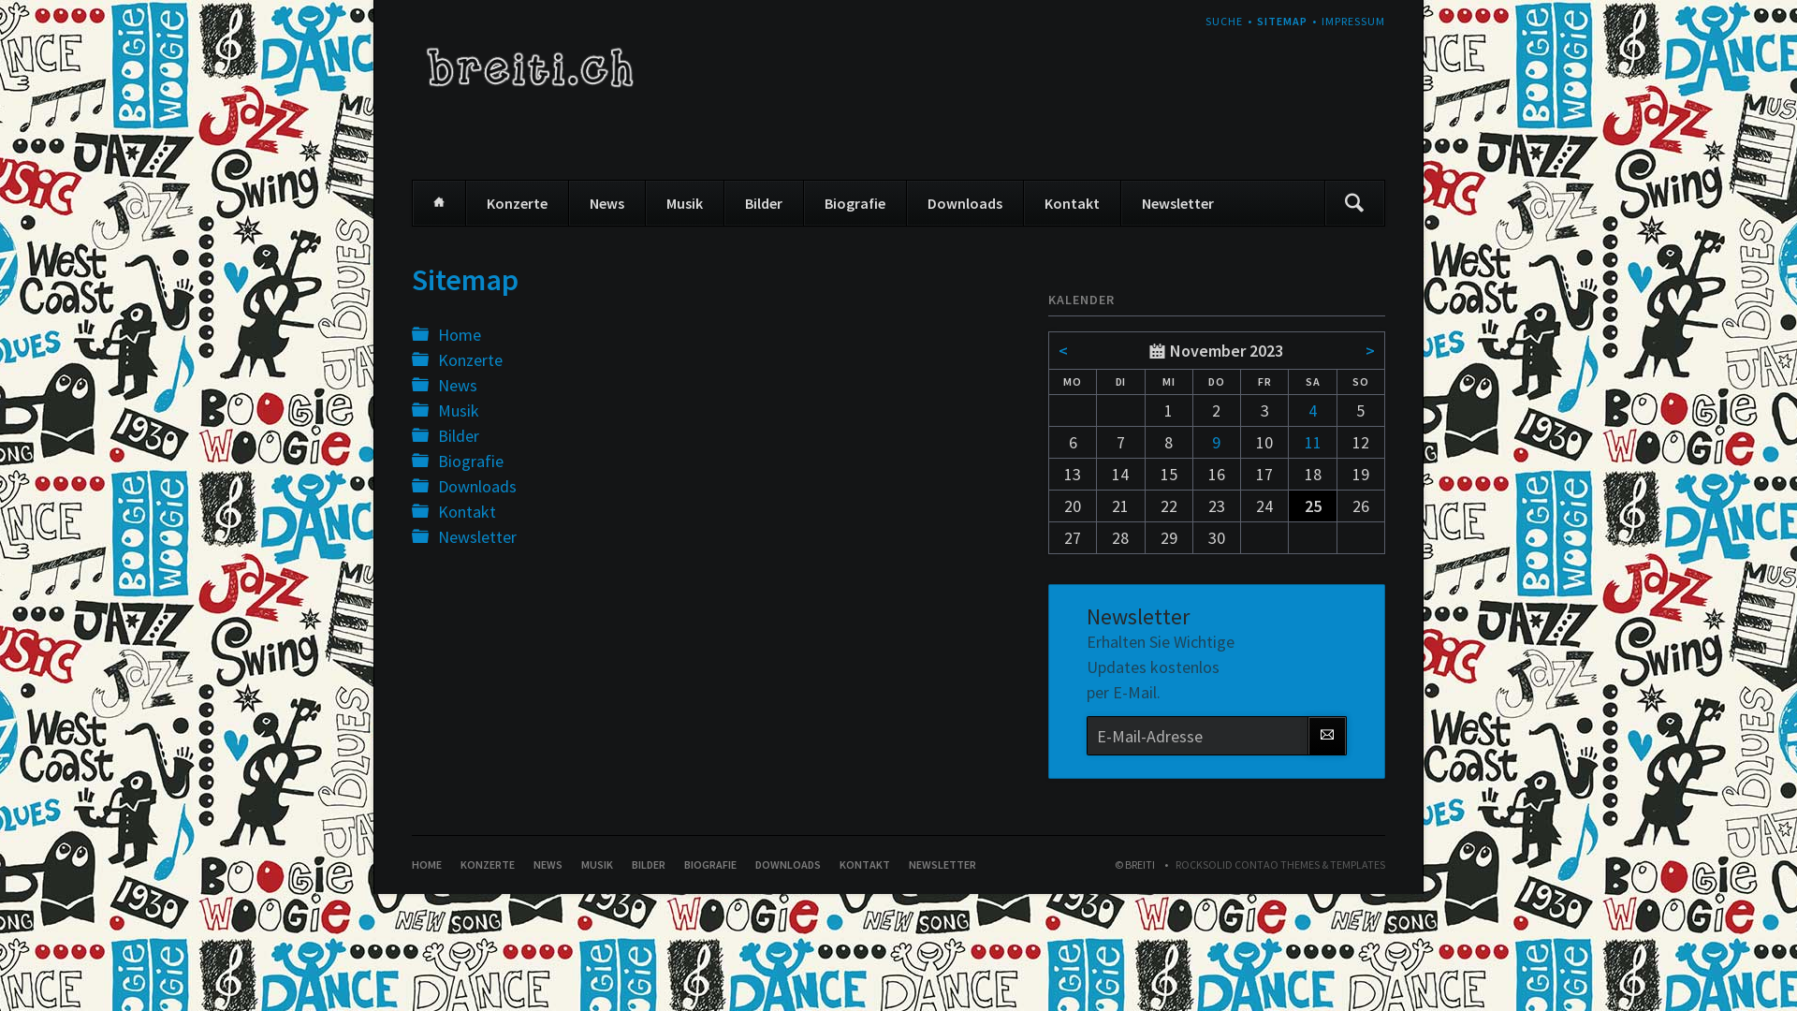  I want to click on 'Newsletter', so click(476, 536).